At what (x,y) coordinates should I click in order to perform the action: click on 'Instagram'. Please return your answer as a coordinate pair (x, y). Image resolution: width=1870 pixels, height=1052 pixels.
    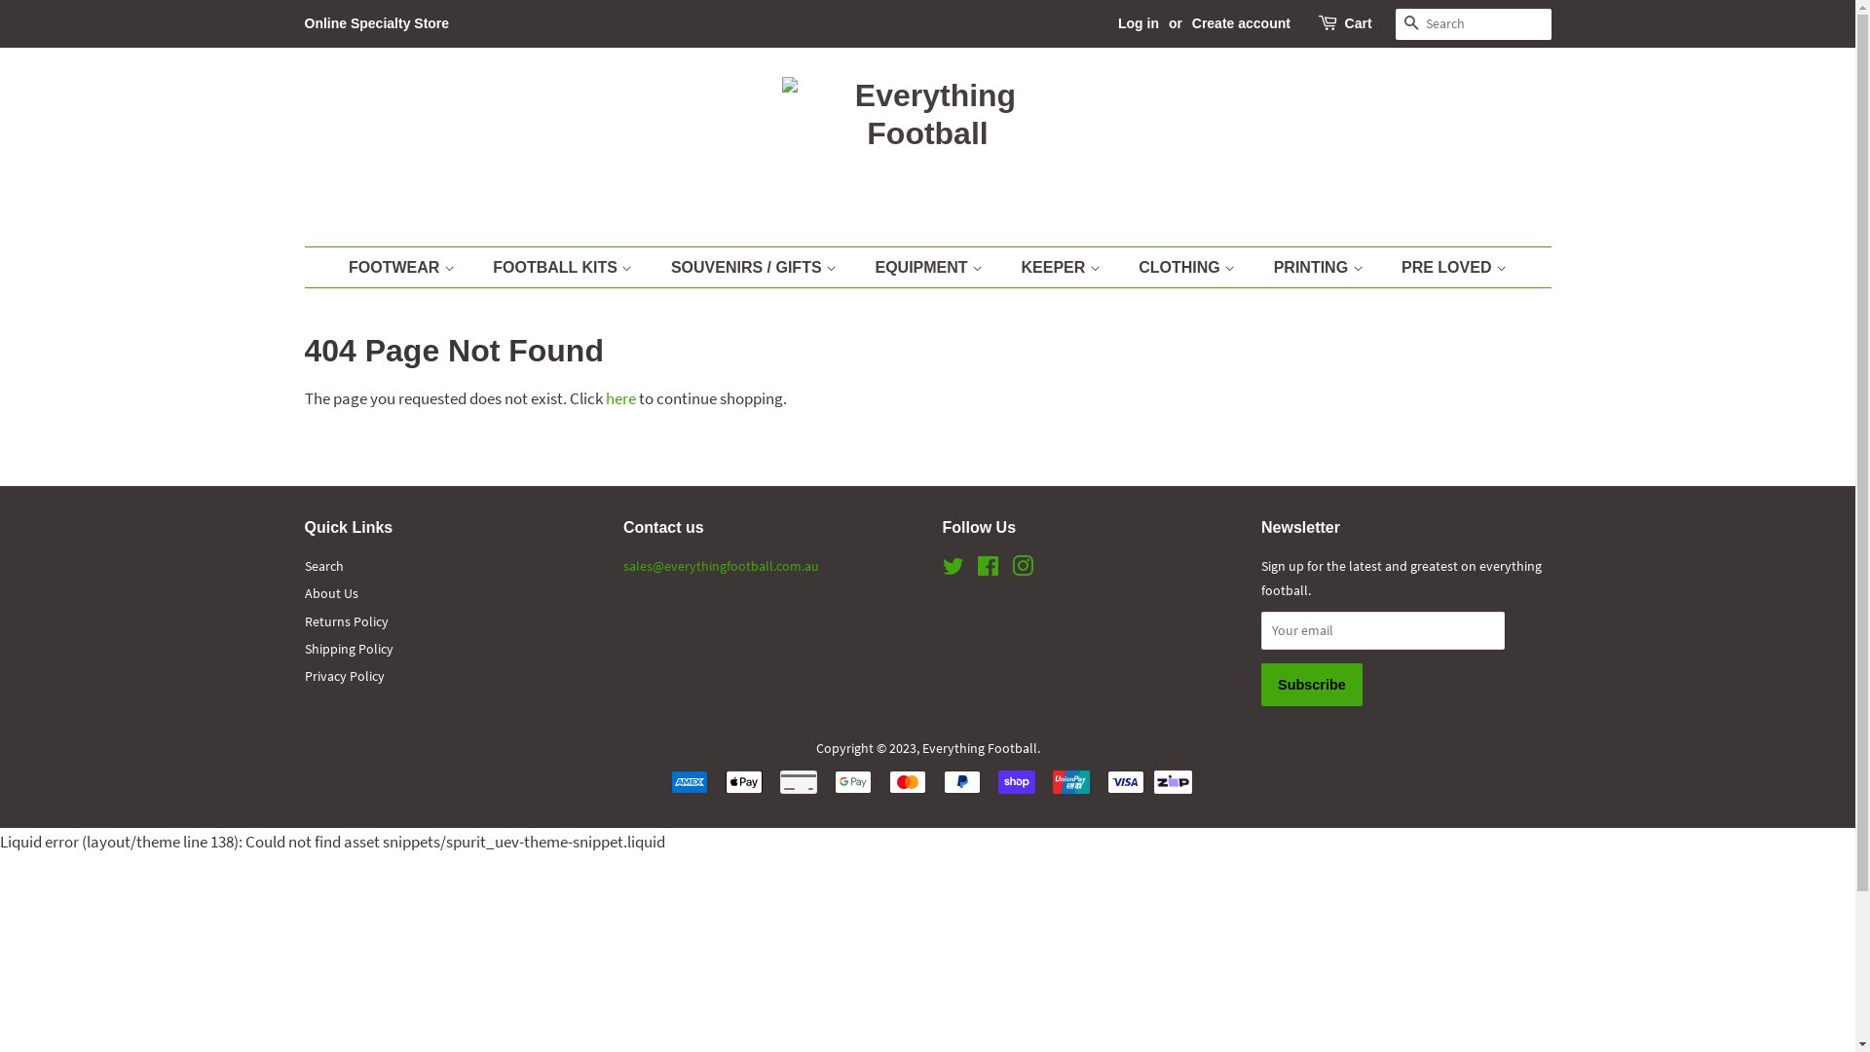
    Looking at the image, I should click on (1010, 570).